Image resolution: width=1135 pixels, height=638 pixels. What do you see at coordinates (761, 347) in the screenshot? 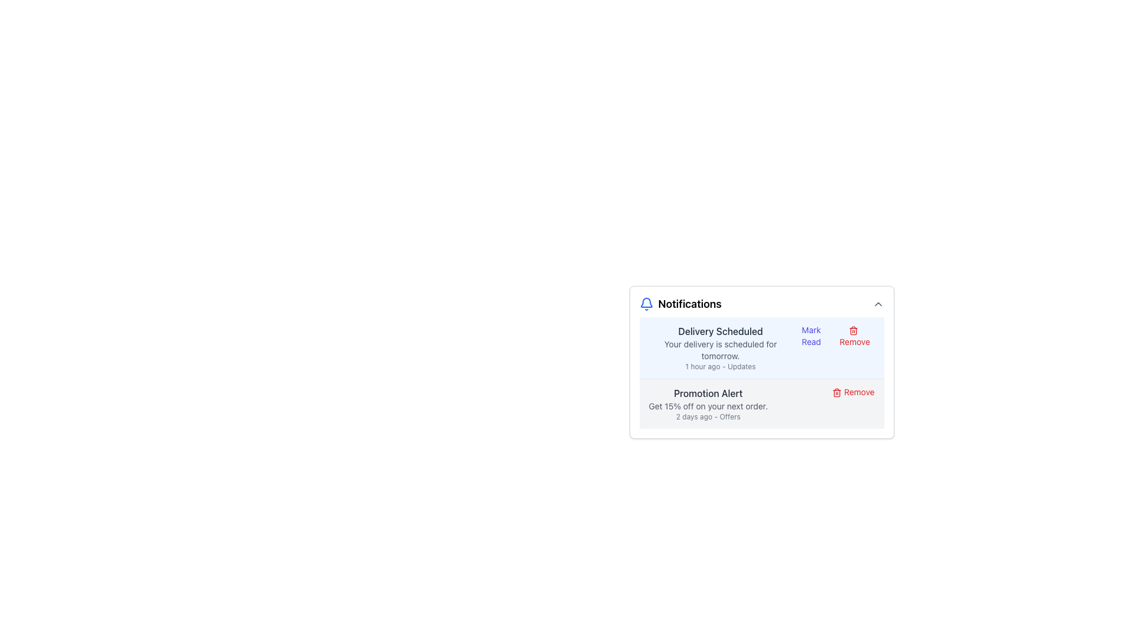
I see `the notification block titled 'Delivery Scheduled'` at bounding box center [761, 347].